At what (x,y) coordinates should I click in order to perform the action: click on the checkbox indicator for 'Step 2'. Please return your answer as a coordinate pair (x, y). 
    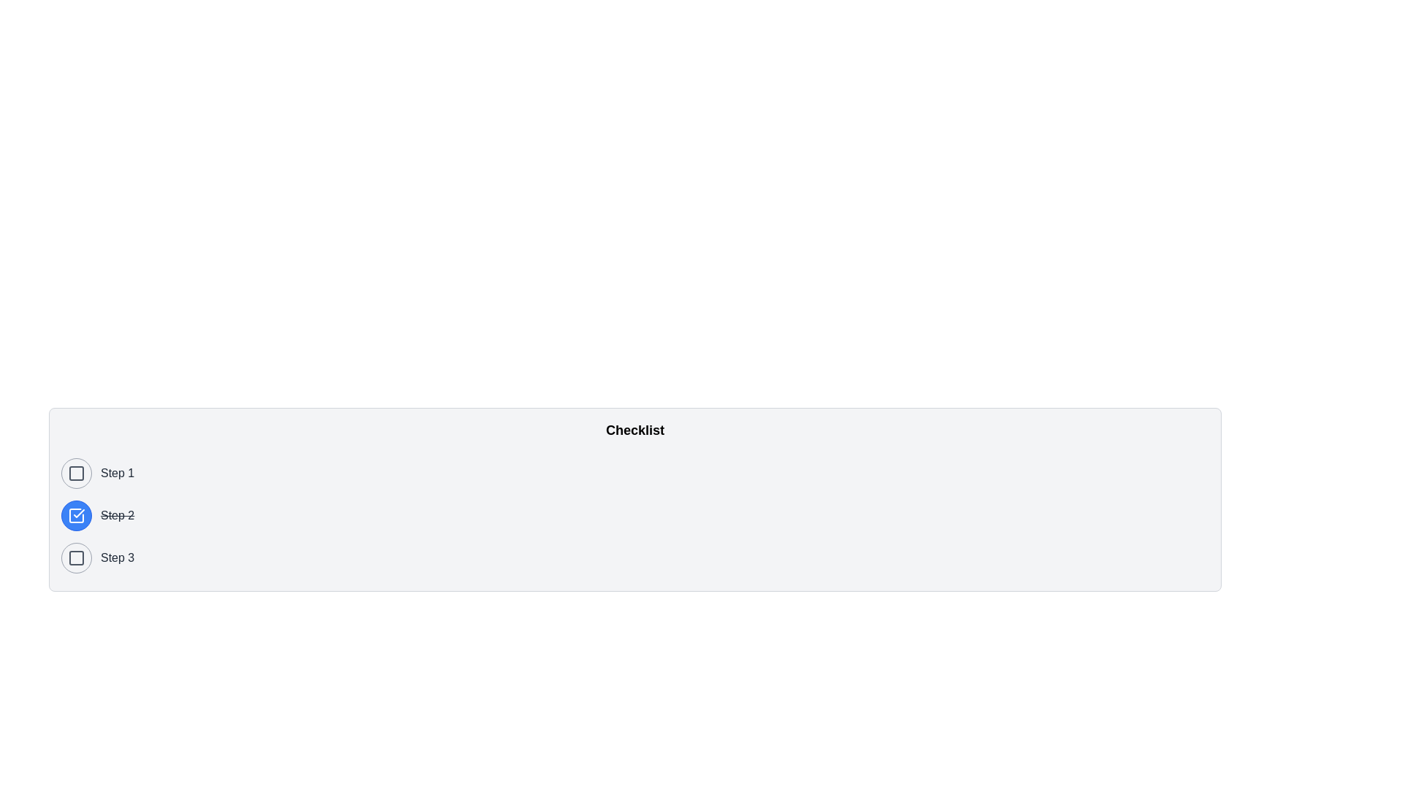
    Looking at the image, I should click on (76, 514).